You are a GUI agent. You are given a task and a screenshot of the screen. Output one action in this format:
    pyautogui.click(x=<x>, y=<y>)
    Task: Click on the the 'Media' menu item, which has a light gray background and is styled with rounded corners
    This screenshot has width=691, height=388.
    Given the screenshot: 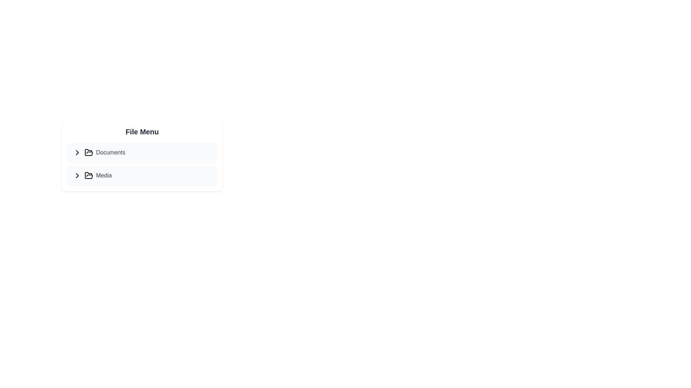 What is the action you would take?
    pyautogui.click(x=142, y=176)
    